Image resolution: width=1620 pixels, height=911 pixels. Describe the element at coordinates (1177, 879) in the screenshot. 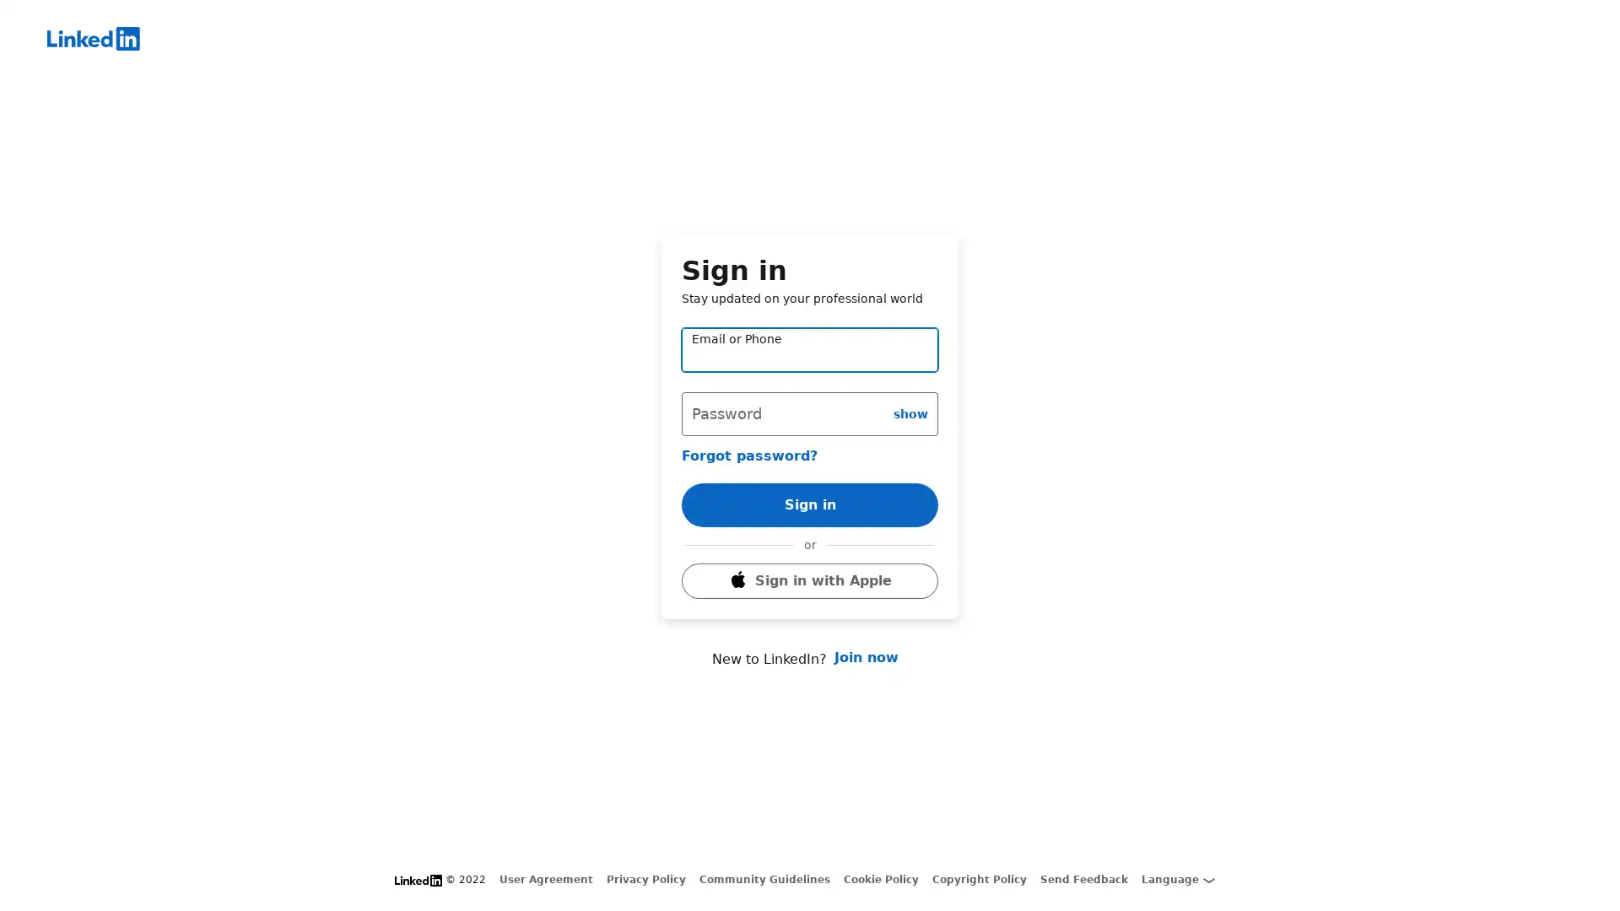

I see `Language` at that location.